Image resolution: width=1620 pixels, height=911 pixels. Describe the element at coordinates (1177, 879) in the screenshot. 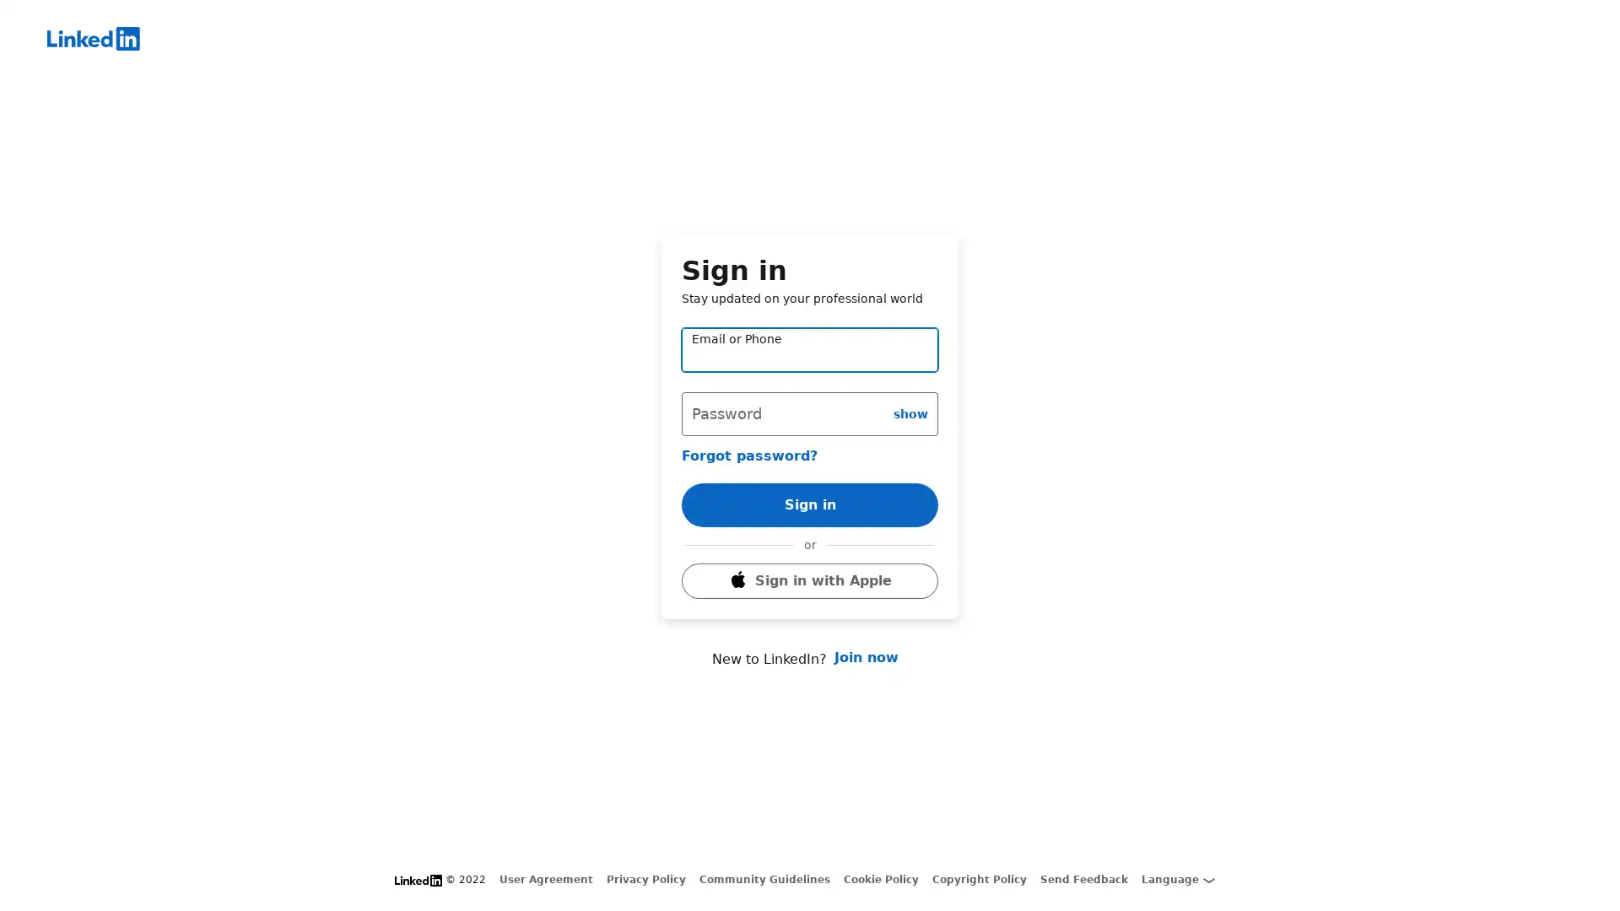

I see `Language` at that location.